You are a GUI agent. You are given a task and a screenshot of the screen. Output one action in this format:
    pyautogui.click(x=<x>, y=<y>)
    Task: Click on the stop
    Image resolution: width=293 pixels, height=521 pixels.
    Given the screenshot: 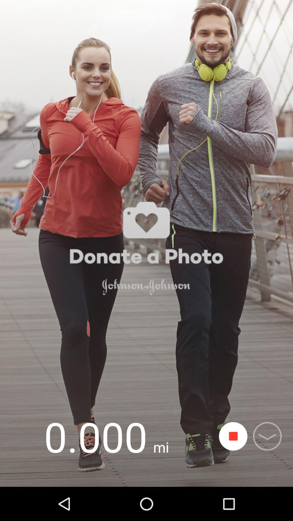 What is the action you would take?
    pyautogui.click(x=233, y=436)
    